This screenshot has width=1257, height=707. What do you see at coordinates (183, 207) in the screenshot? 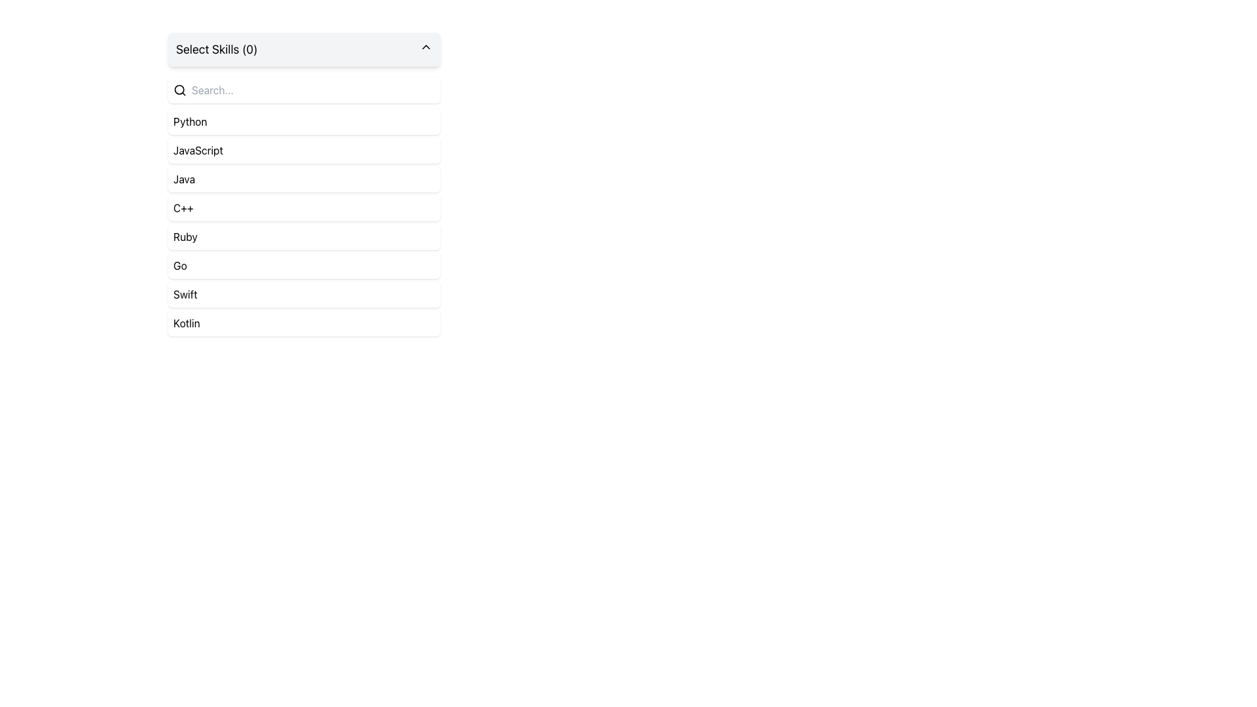
I see `the 'C++' skill label in the dropdown list` at bounding box center [183, 207].